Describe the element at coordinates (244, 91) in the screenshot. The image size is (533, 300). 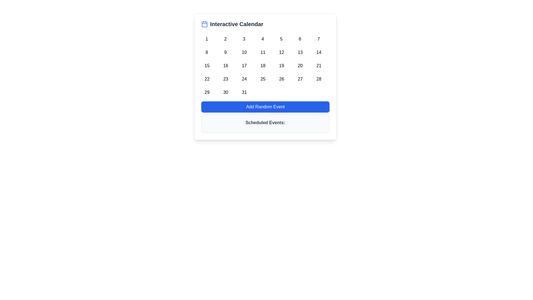
I see `the square button labeled 31 located at the bottom-right of the calendar grid` at that location.